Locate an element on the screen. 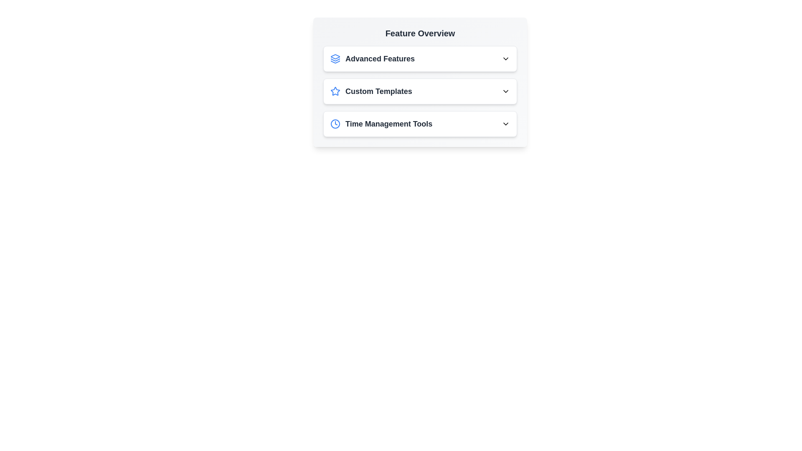 Image resolution: width=802 pixels, height=451 pixels. the star corresponding to 2 to examine its rating is located at coordinates (346, 91).